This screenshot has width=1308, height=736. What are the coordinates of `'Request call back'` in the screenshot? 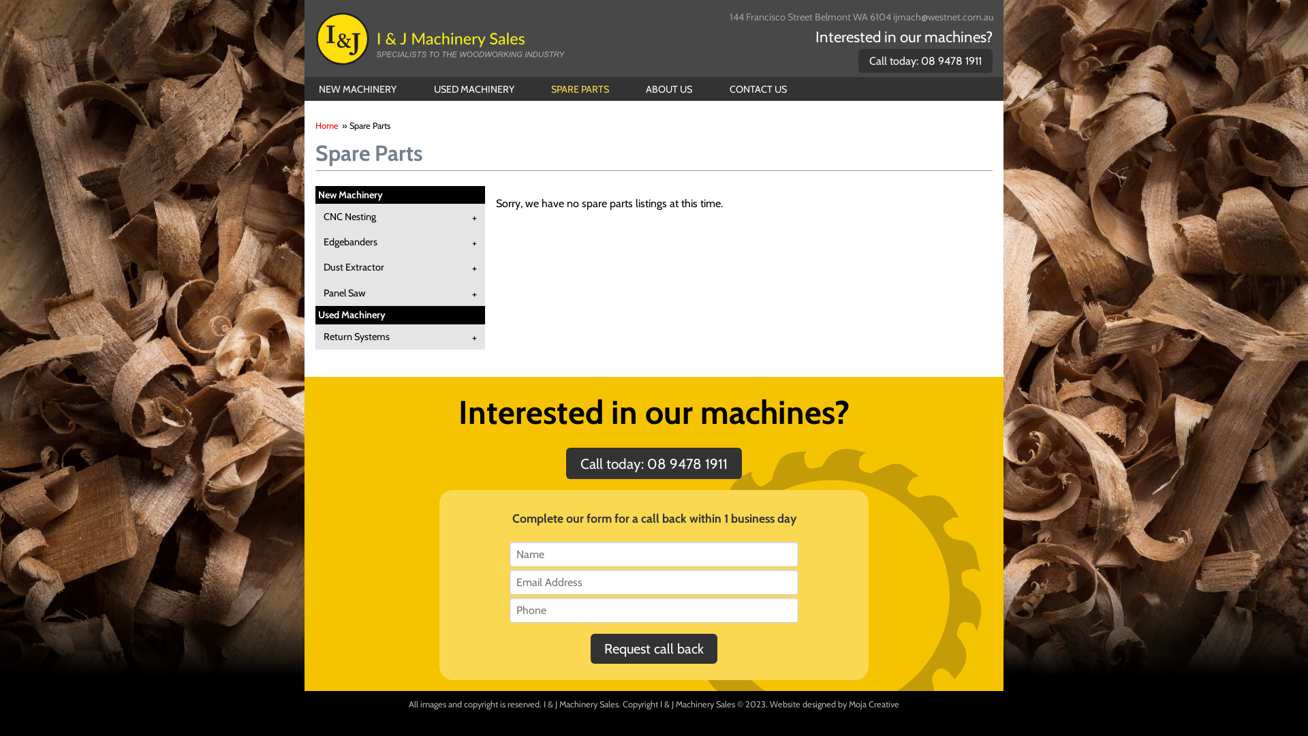 It's located at (654, 648).